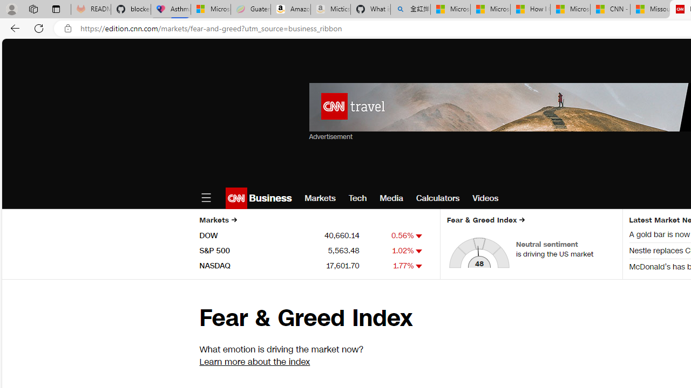  I want to click on 'Asthma Inhalers: Names and Types', so click(170, 9).